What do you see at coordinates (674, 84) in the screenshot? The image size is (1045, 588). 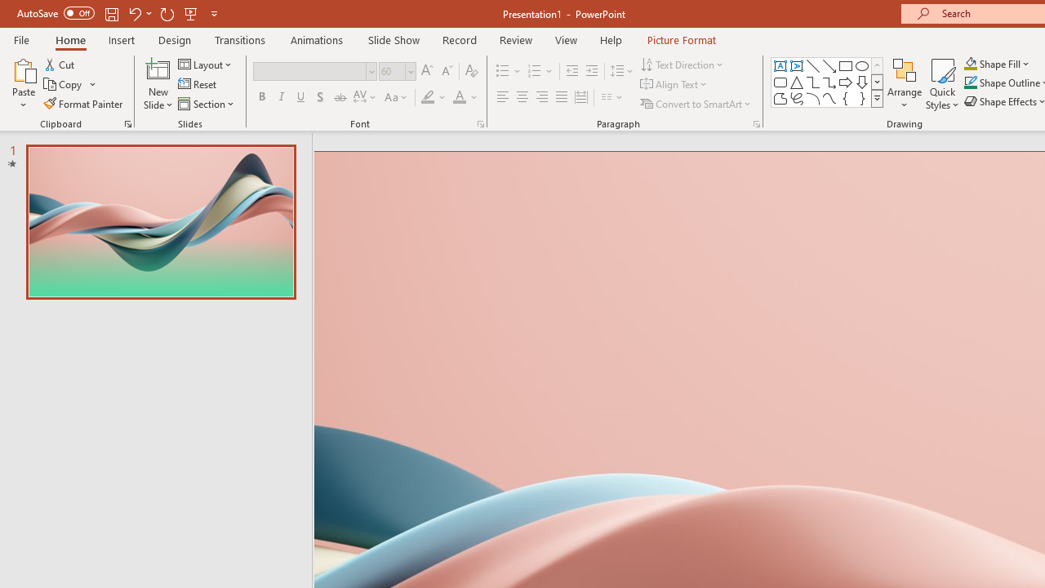 I see `'Align Text'` at bounding box center [674, 84].